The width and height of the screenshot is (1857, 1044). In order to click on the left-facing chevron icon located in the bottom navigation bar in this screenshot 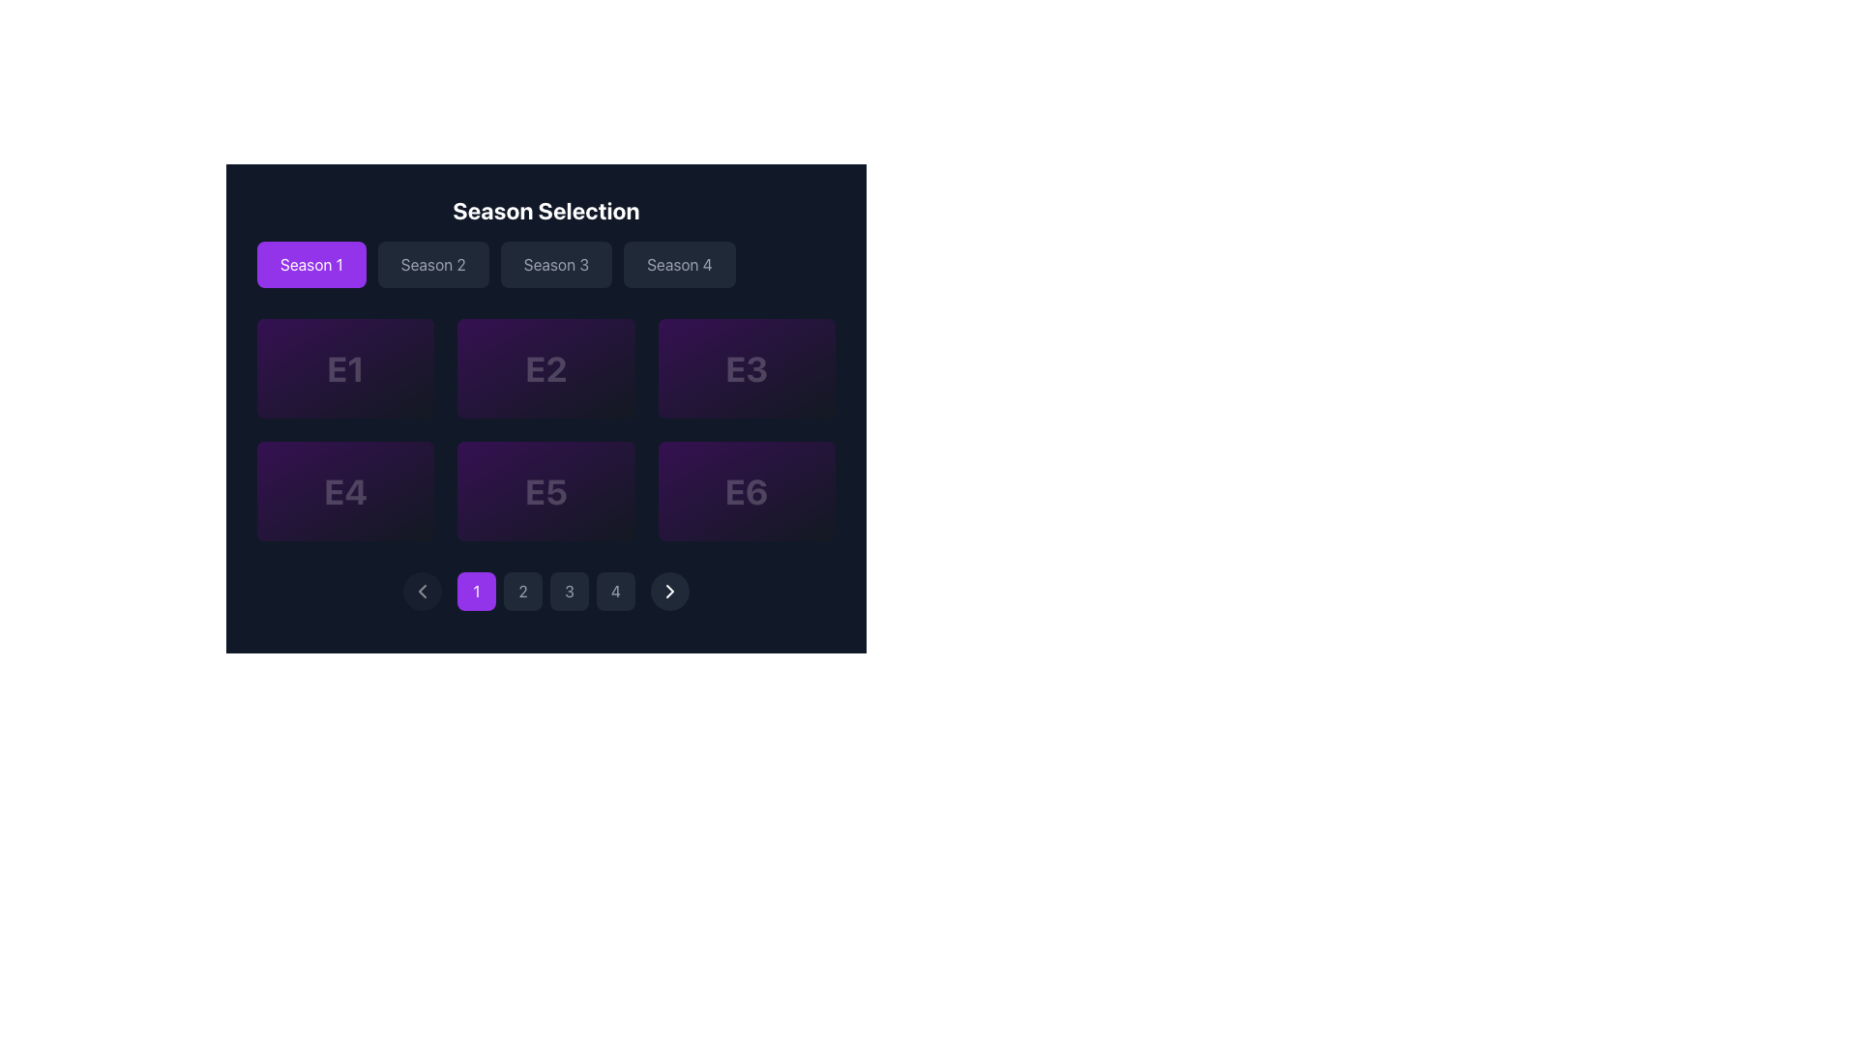, I will do `click(421, 591)`.